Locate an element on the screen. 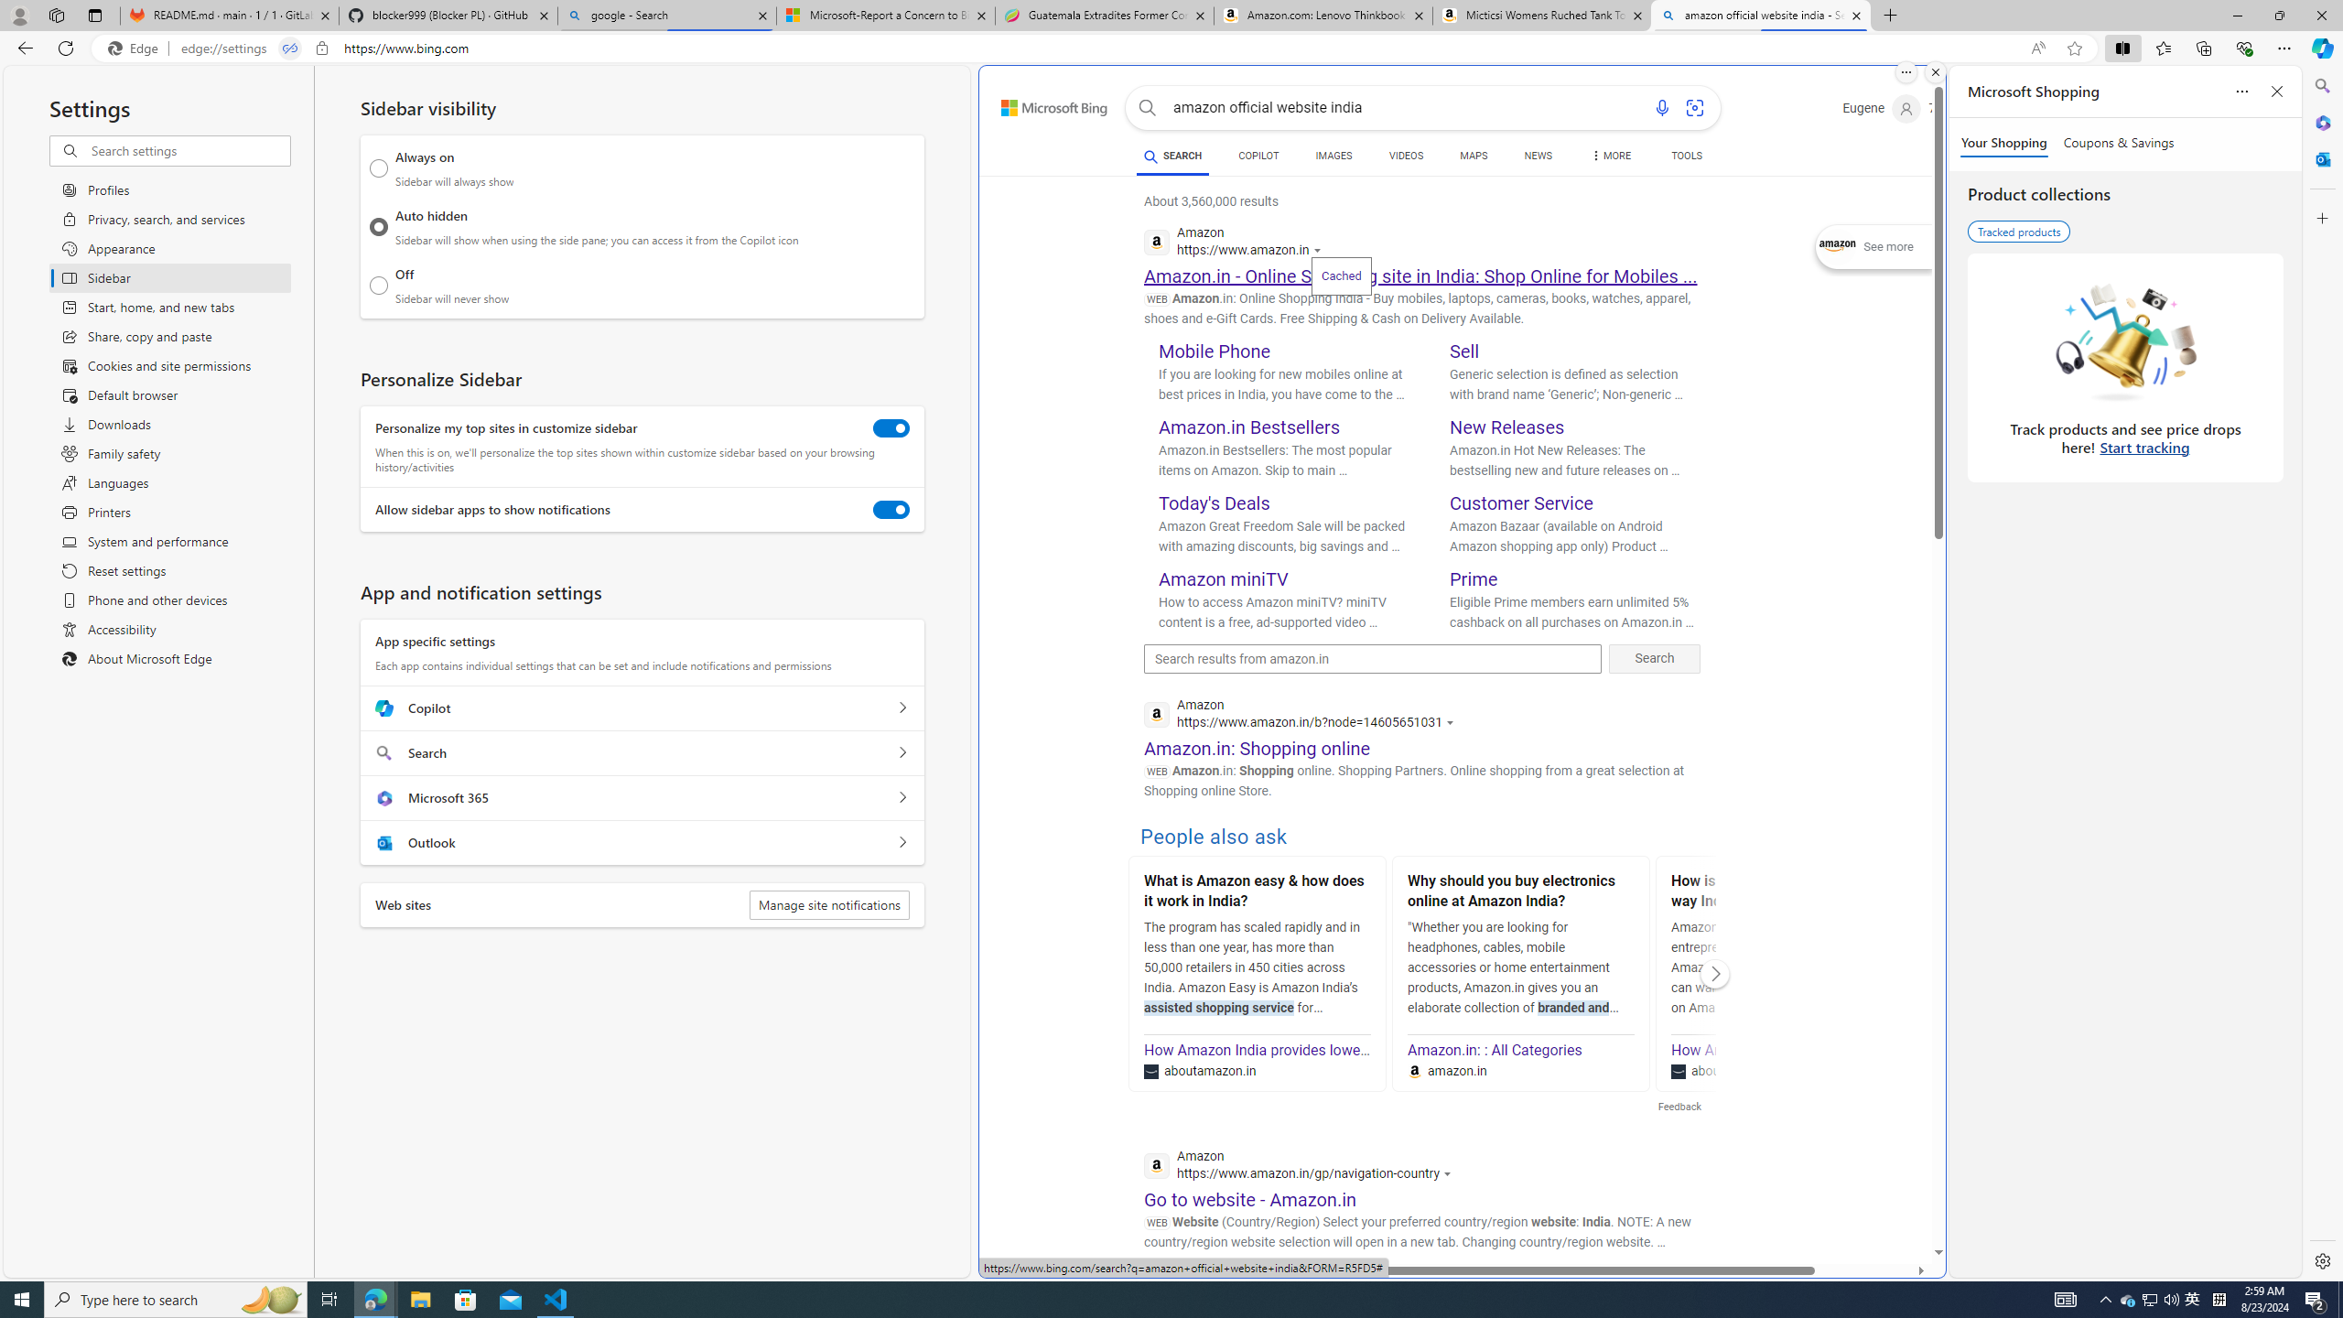 The width and height of the screenshot is (2343, 1318). 'New Tab' is located at coordinates (1889, 15).